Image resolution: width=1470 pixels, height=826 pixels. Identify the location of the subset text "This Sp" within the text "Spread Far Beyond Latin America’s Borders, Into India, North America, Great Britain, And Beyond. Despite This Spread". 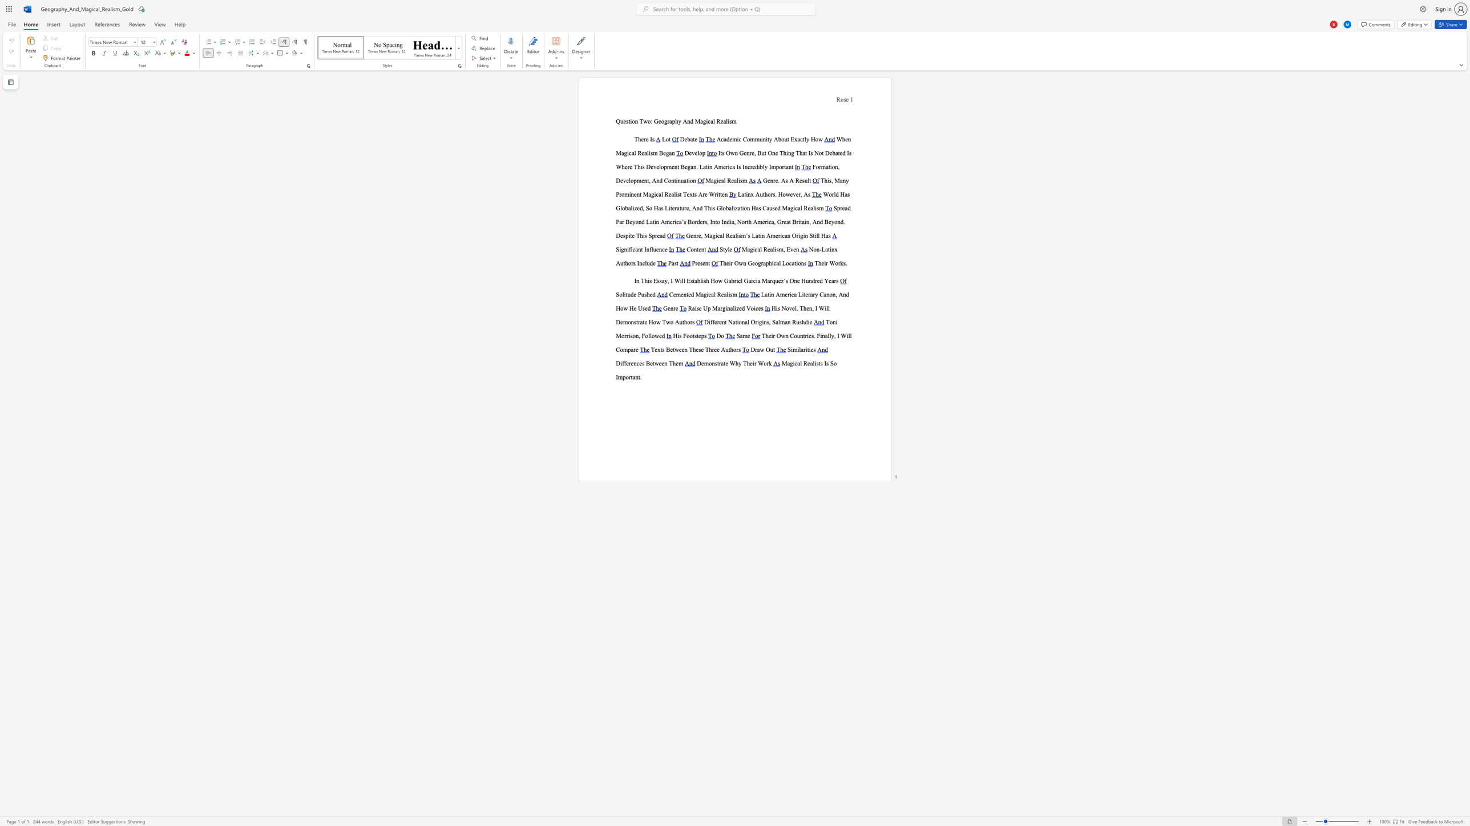
(636, 235).